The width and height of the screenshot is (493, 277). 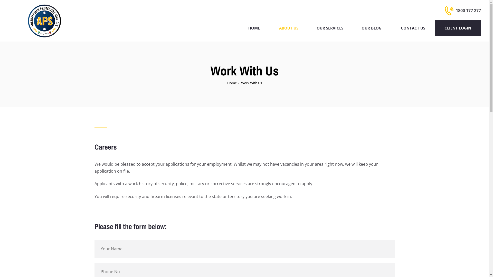 What do you see at coordinates (329, 28) in the screenshot?
I see `'OUR SERVICES'` at bounding box center [329, 28].